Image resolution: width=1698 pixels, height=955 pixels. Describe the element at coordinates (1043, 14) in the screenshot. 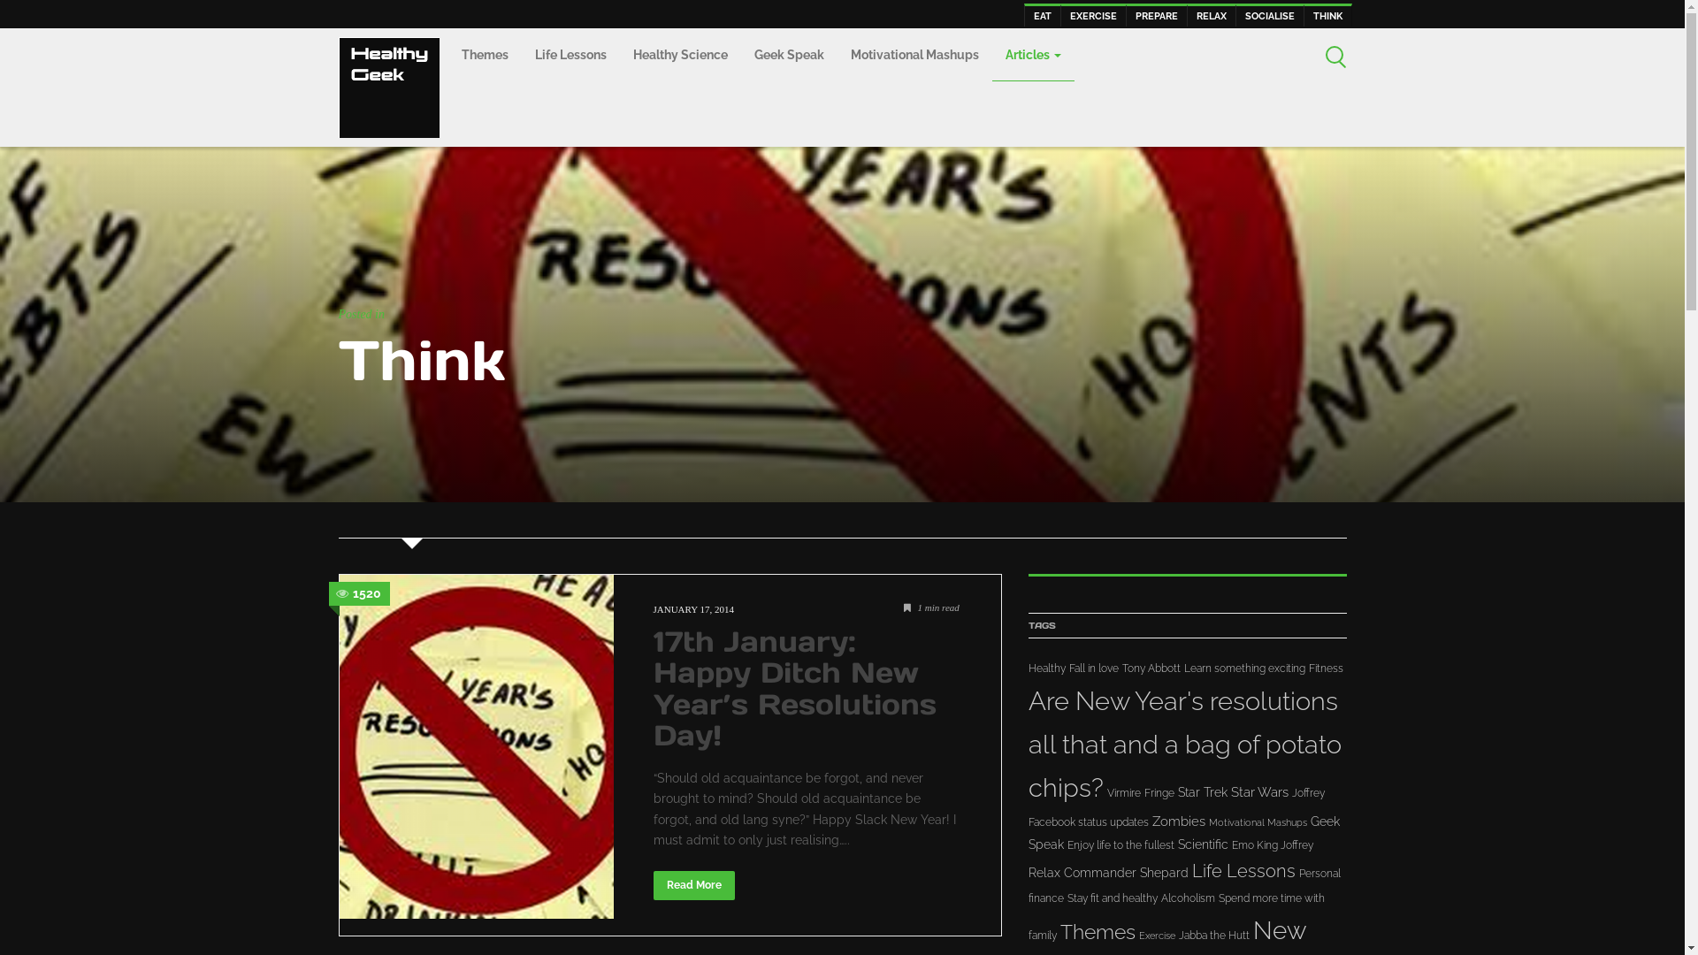

I see `'EAT'` at that location.